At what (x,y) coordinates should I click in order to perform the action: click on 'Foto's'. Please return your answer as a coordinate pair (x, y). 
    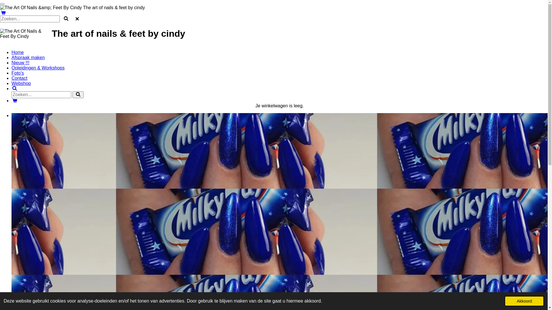
    Looking at the image, I should click on (18, 73).